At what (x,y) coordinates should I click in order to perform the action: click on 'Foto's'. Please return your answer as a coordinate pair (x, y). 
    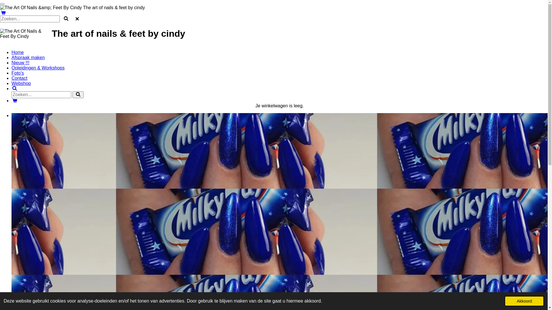
    Looking at the image, I should click on (18, 73).